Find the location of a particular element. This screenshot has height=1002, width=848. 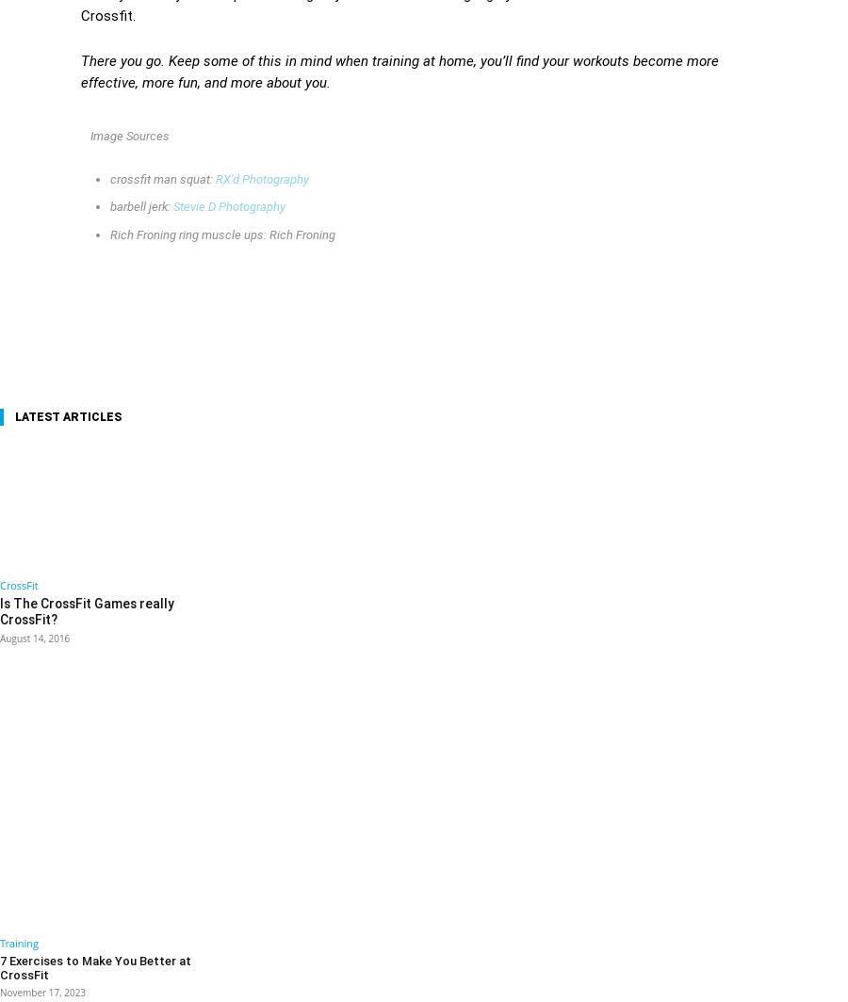

'7 Exercises to Make You Better at CrossFit' is located at coordinates (102, 957).